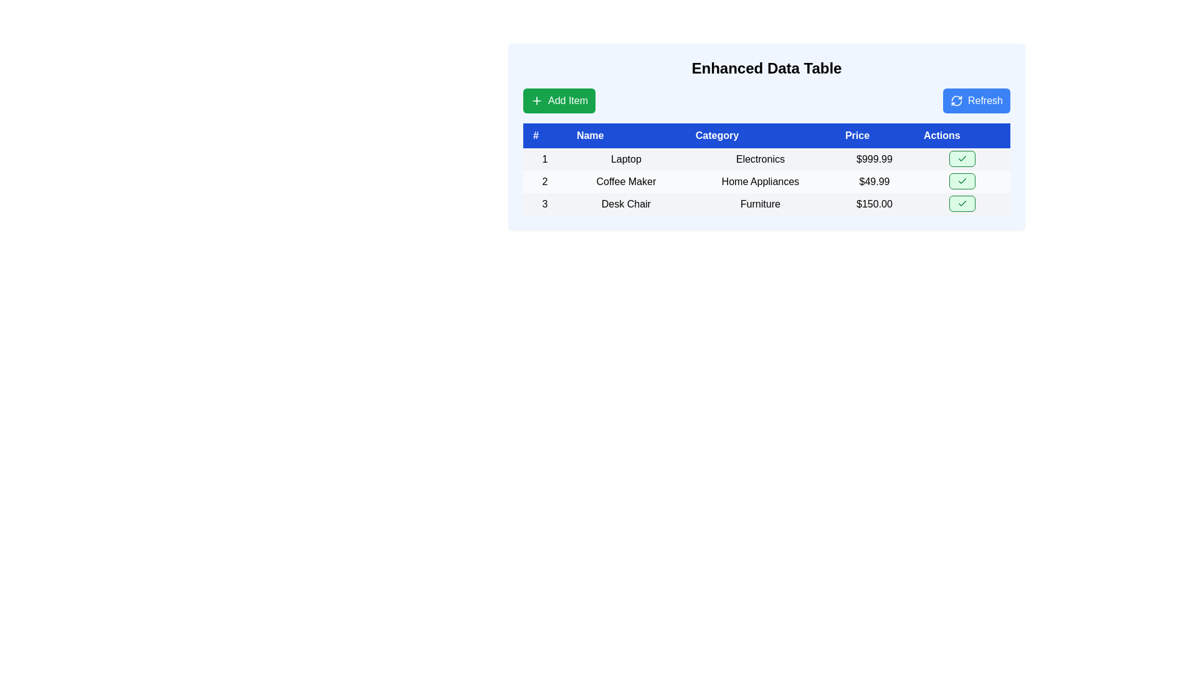  What do you see at coordinates (766, 203) in the screenshot?
I see `the individual cells within the table row representing 'Desk Chair', which is the third row of the data table` at bounding box center [766, 203].